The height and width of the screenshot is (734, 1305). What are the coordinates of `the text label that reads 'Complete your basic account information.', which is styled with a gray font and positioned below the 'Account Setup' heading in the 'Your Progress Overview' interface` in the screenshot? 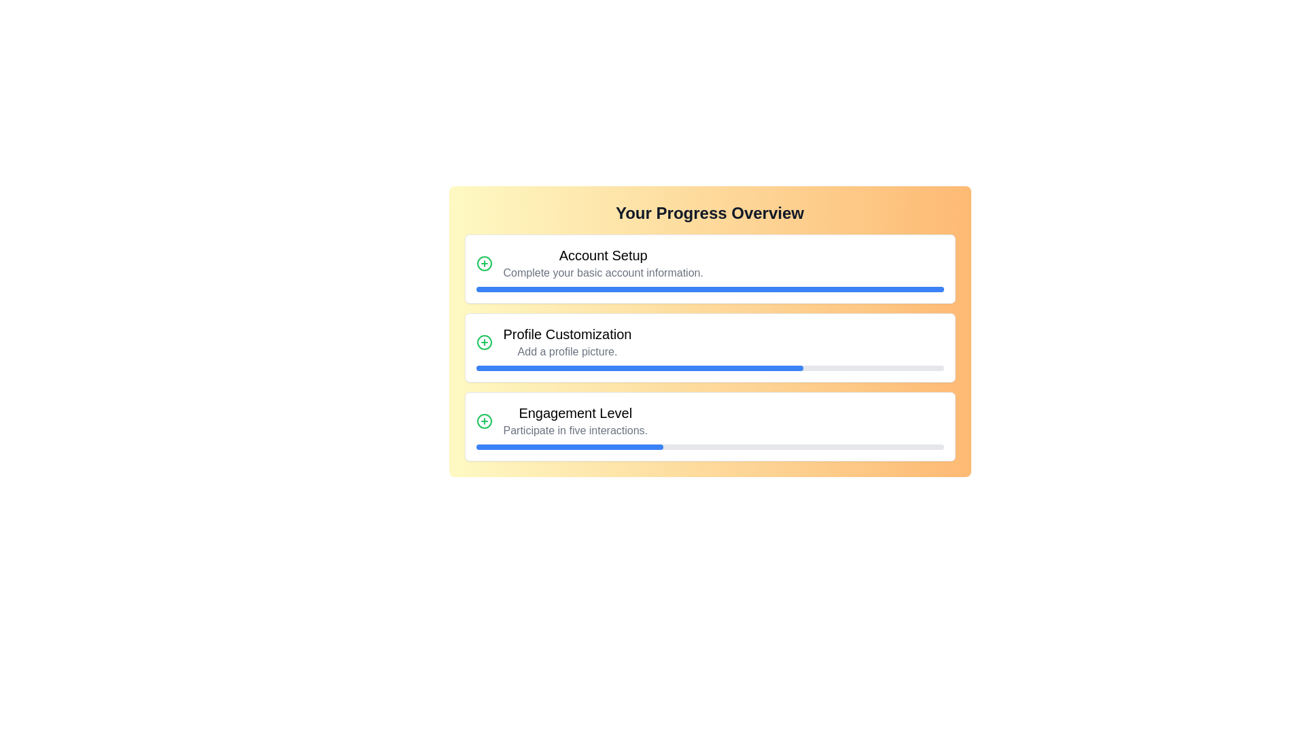 It's located at (602, 273).